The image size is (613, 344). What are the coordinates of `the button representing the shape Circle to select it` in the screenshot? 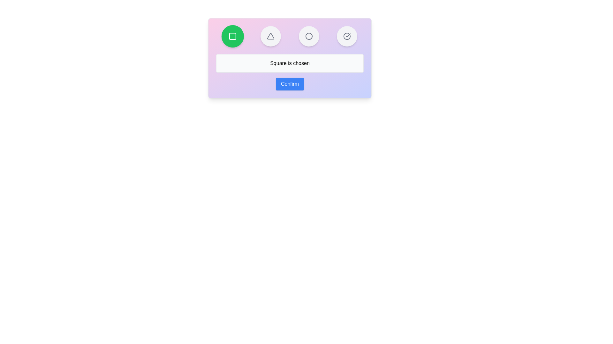 It's located at (309, 36).